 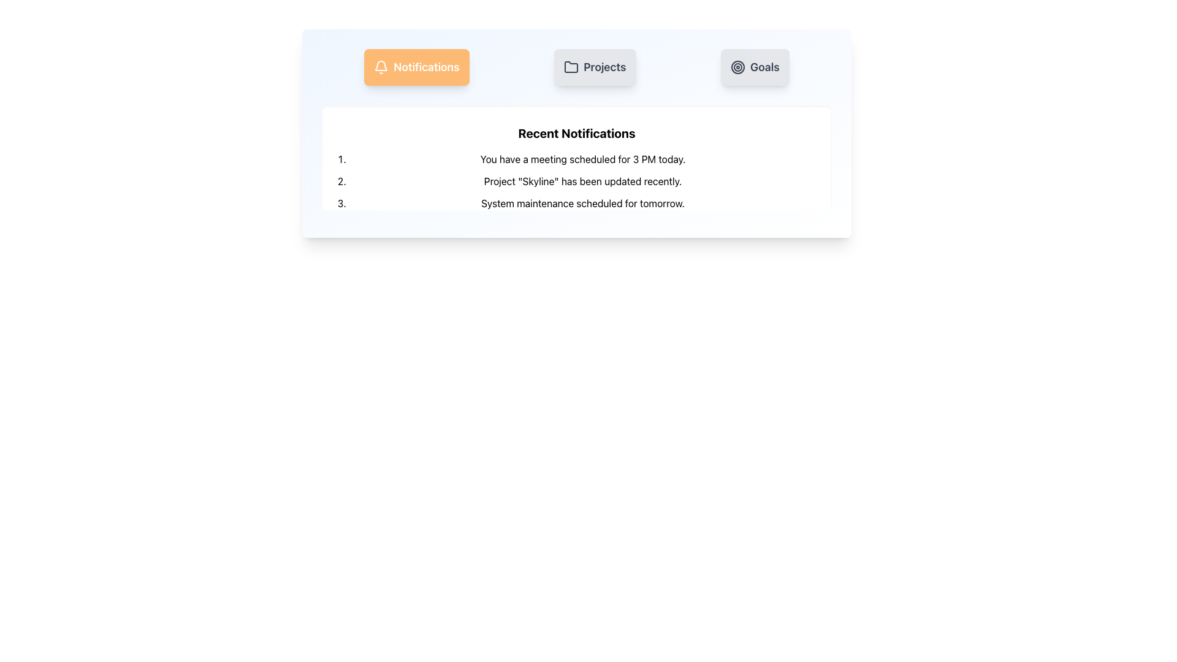 What do you see at coordinates (571, 67) in the screenshot?
I see `the 'Projects' folder icon located to the left of the text 'Projects' in the navigation section` at bounding box center [571, 67].